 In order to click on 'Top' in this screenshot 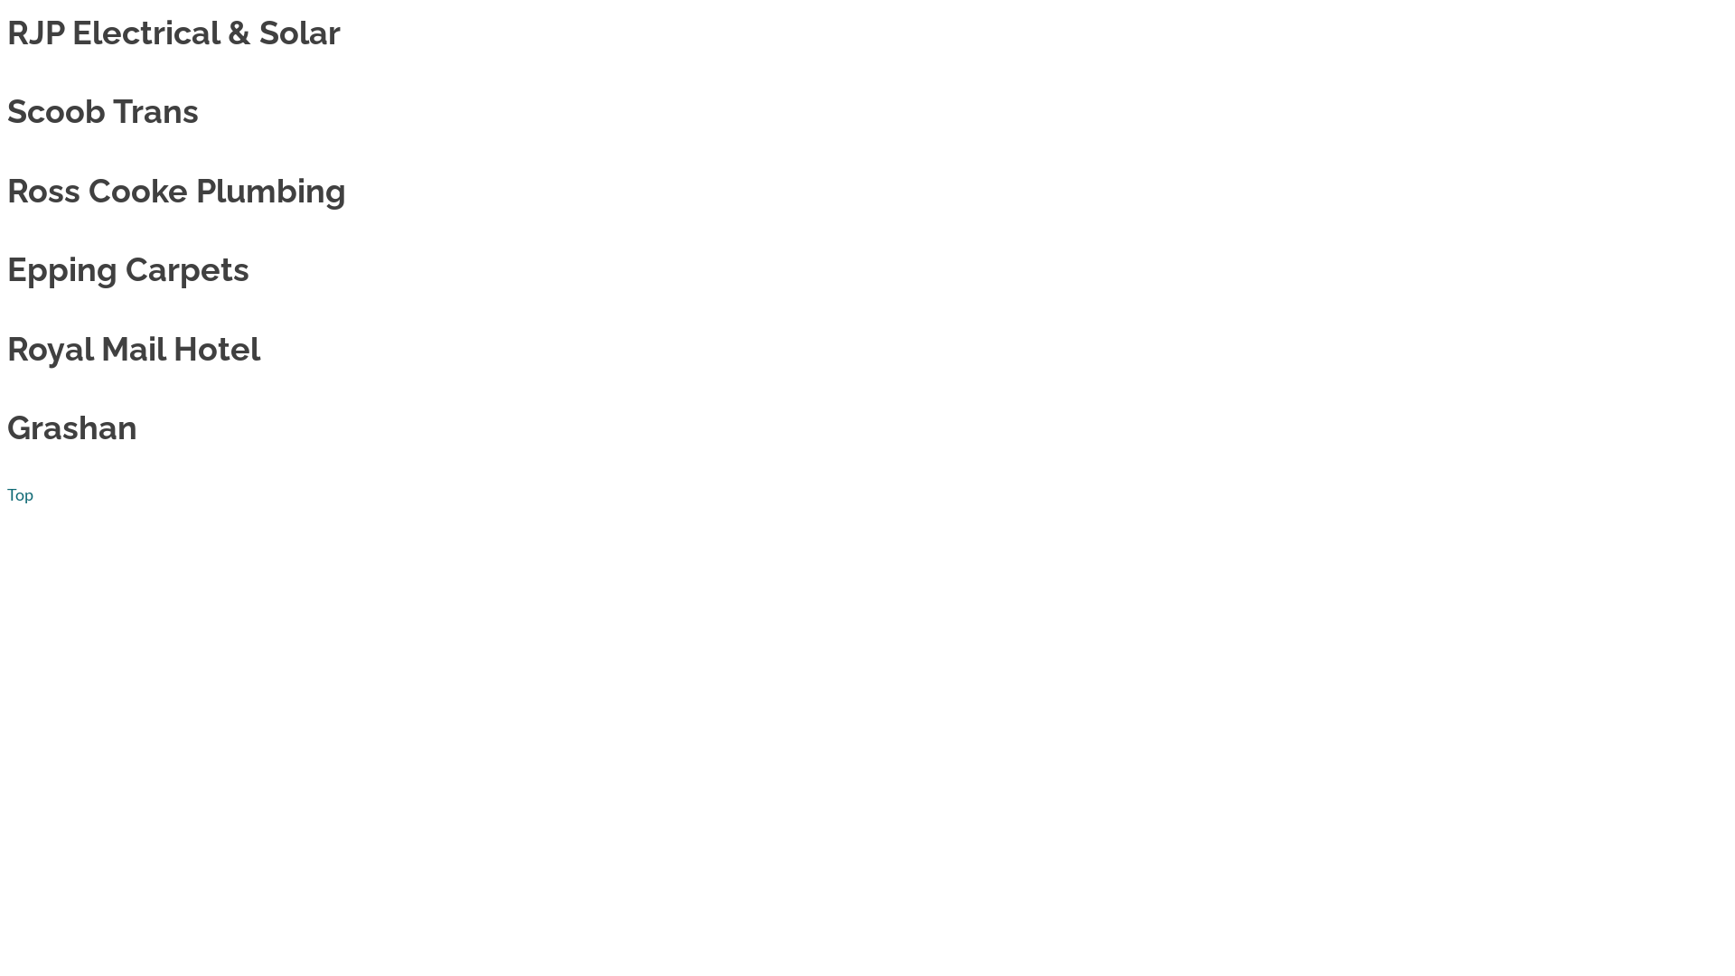, I will do `click(20, 494)`.